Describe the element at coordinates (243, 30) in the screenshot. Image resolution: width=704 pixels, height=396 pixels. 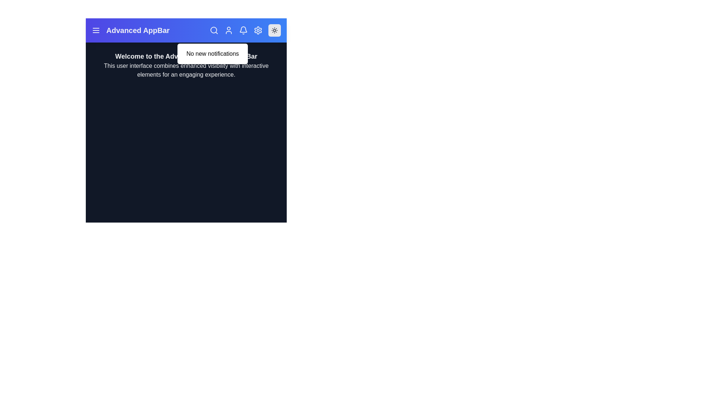
I see `the bell icon to toggle the notifications panel` at that location.